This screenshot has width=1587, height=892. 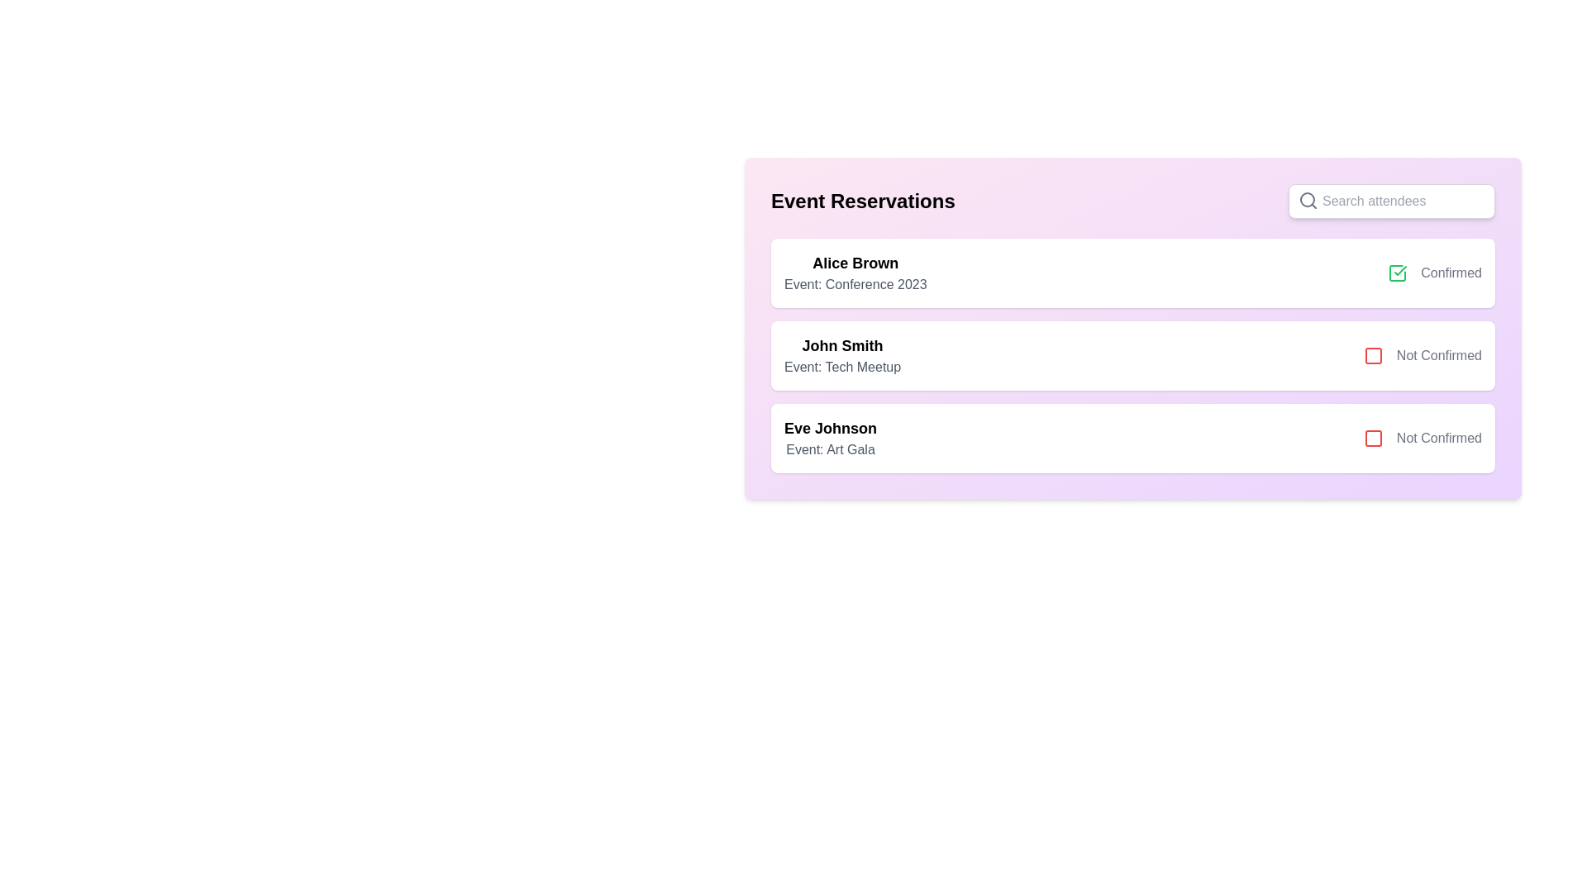 What do you see at coordinates (1397, 273) in the screenshot?
I see `the green checkmark icon inside a box located to the right of the first list item in the 'Event Reservations' section, which indicates the confirmation status of the item` at bounding box center [1397, 273].